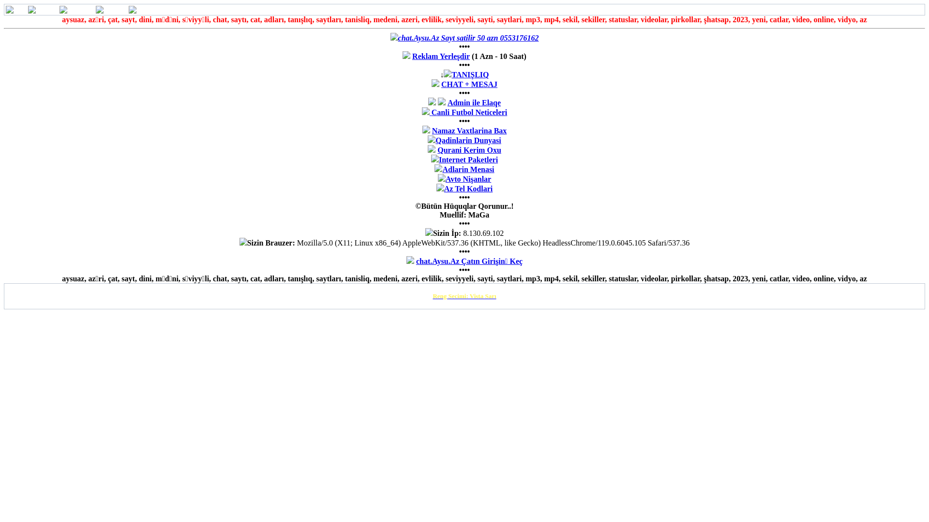 This screenshot has height=522, width=929. What do you see at coordinates (469, 112) in the screenshot?
I see `'Canli Futbol Neticeleri'` at bounding box center [469, 112].